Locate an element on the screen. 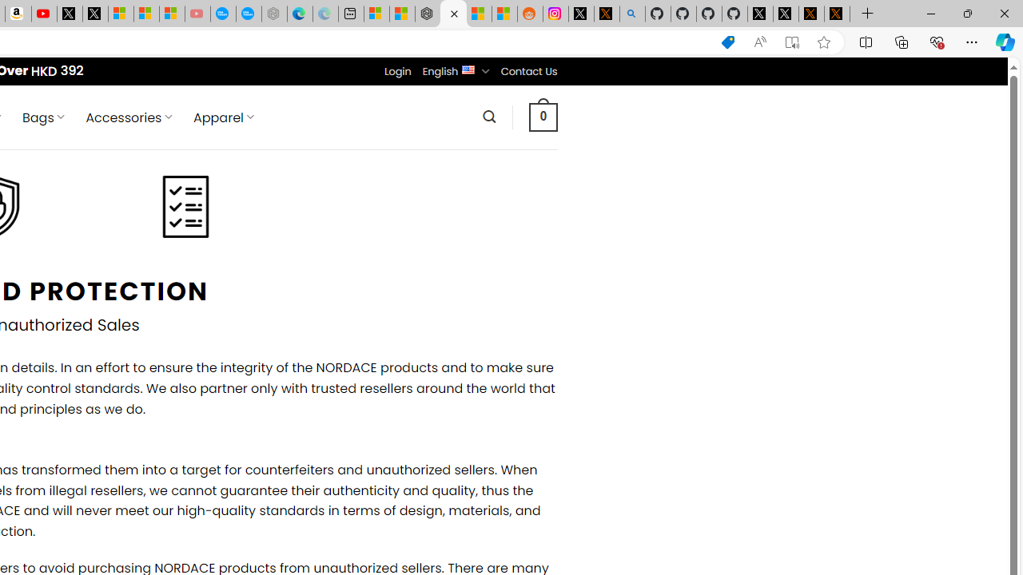 The image size is (1023, 575). 'Contact Us' is located at coordinates (528, 70).